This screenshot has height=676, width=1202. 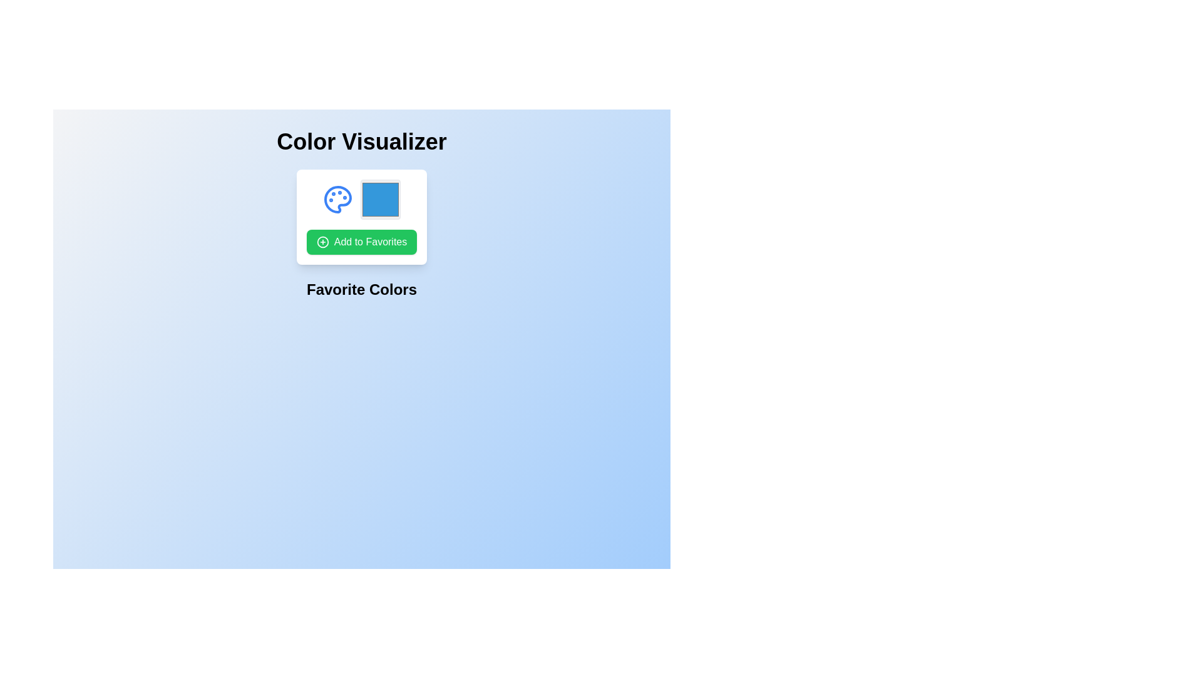 I want to click on the static text element displaying 'Favorite Colors', which is bold and medium-large in size, located below the 'Add to Favorites' section, so click(x=361, y=289).